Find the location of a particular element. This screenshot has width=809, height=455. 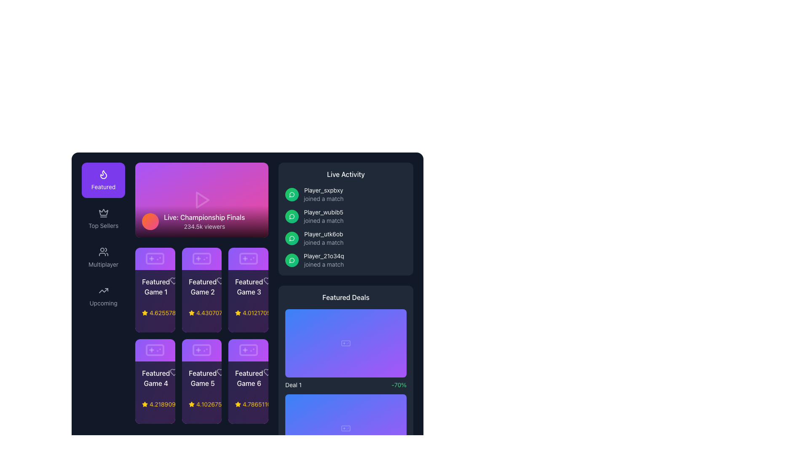

the Text Label that serves as a title for a specific game featured in the interface to interact with related features is located at coordinates (248, 378).